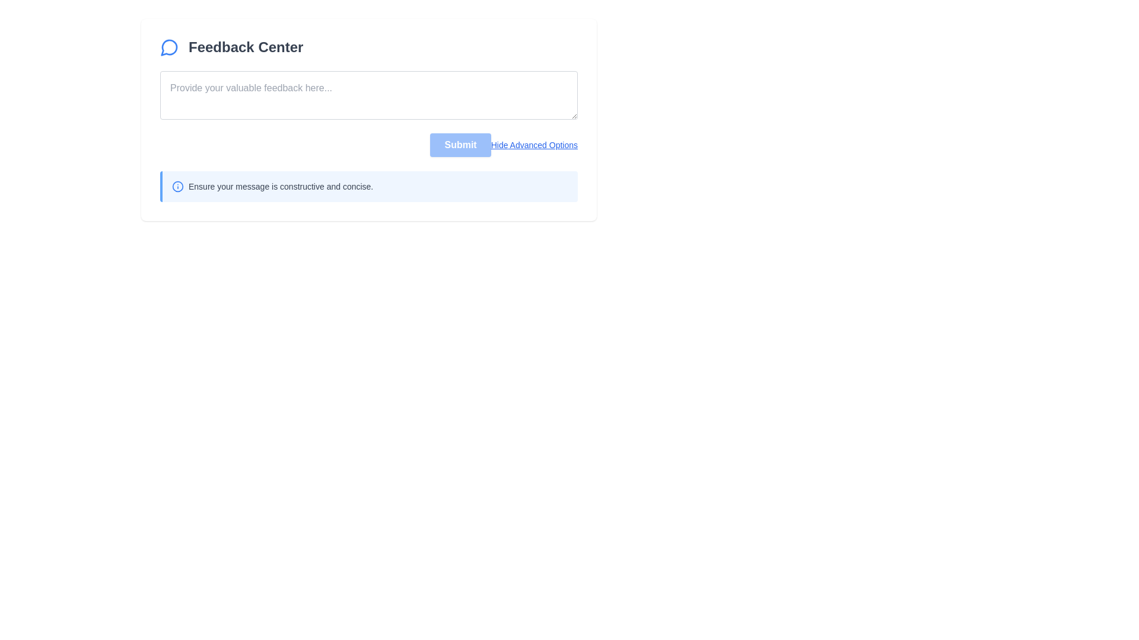  I want to click on the message text that reads, 'Ensure your message is constructive and concise', which is styled in a small gray font and located below a text input box, so click(280, 187).